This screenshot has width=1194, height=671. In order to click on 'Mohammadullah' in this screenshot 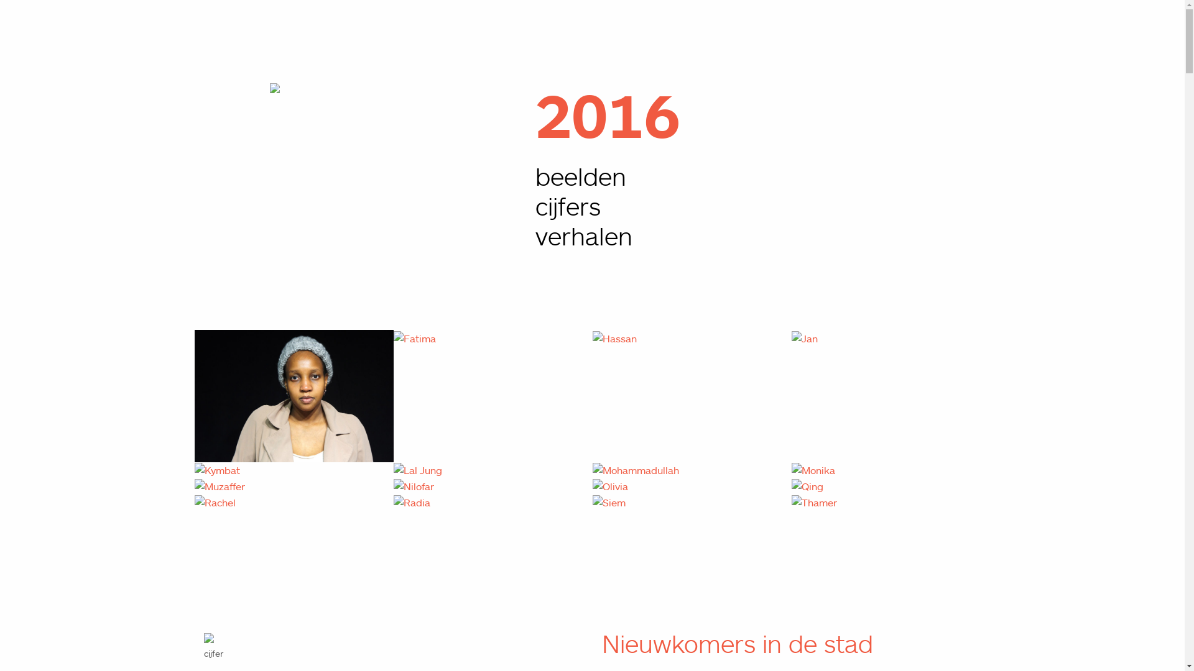, I will do `click(635, 470)`.